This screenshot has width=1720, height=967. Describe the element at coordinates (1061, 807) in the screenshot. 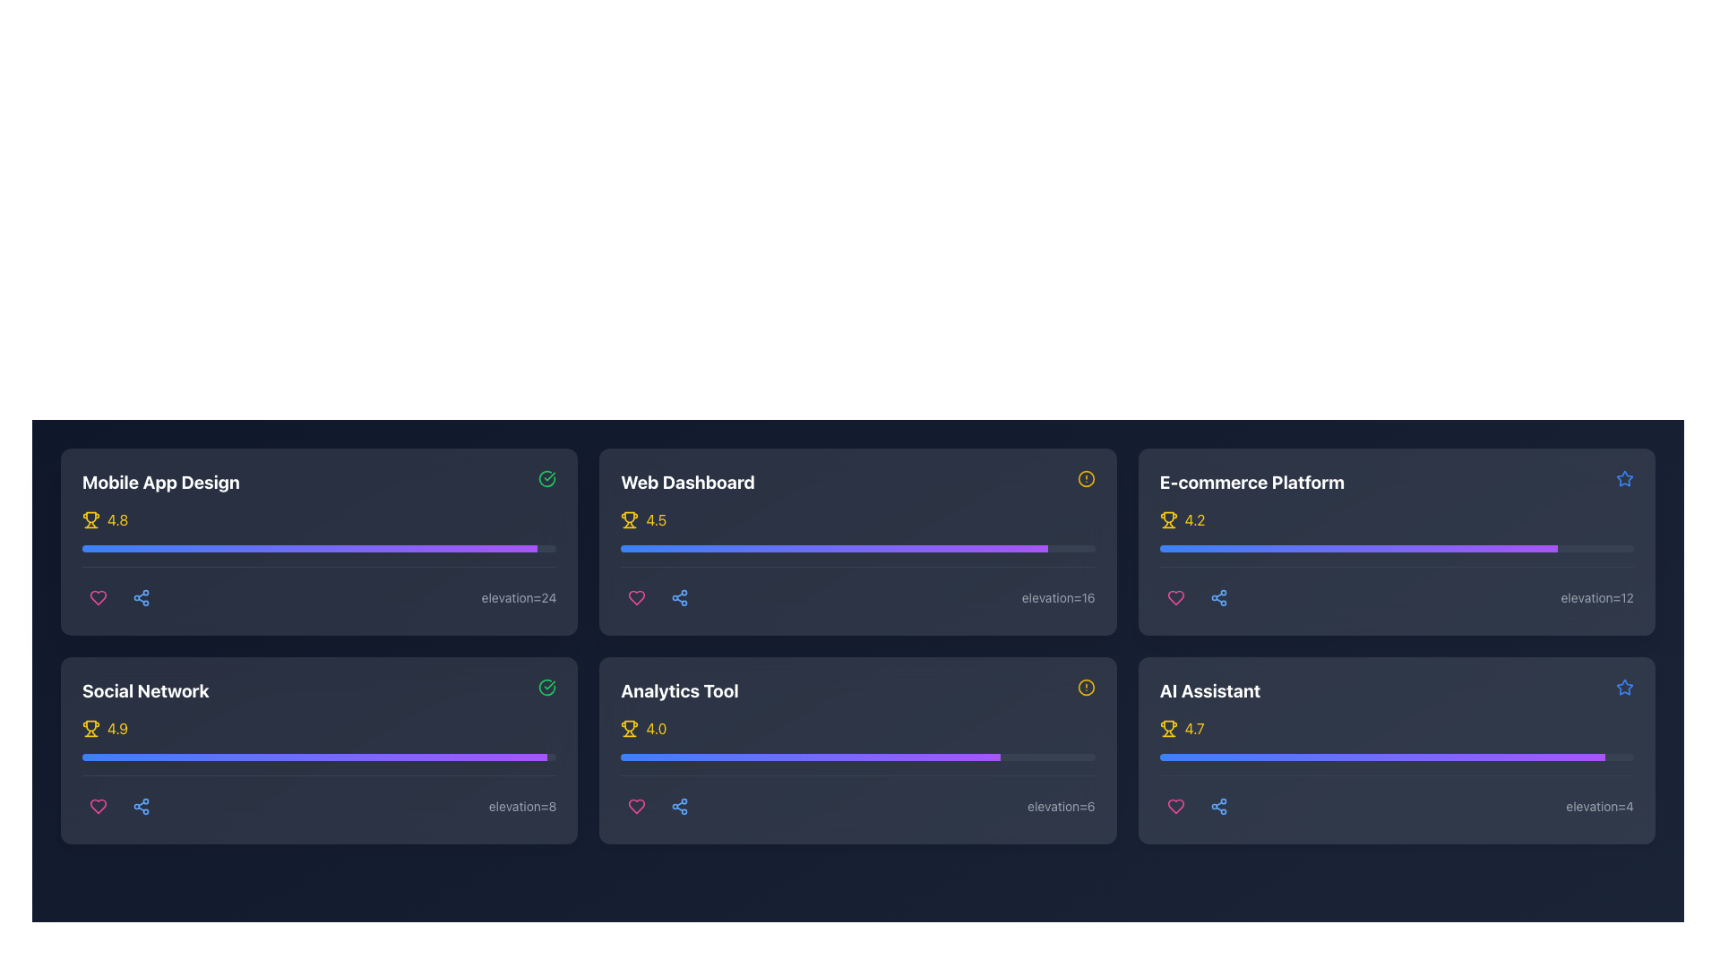

I see `the static text label displaying 'elevation=6' located in the bottom-right corner of the 'Analytics Tool' card` at that location.